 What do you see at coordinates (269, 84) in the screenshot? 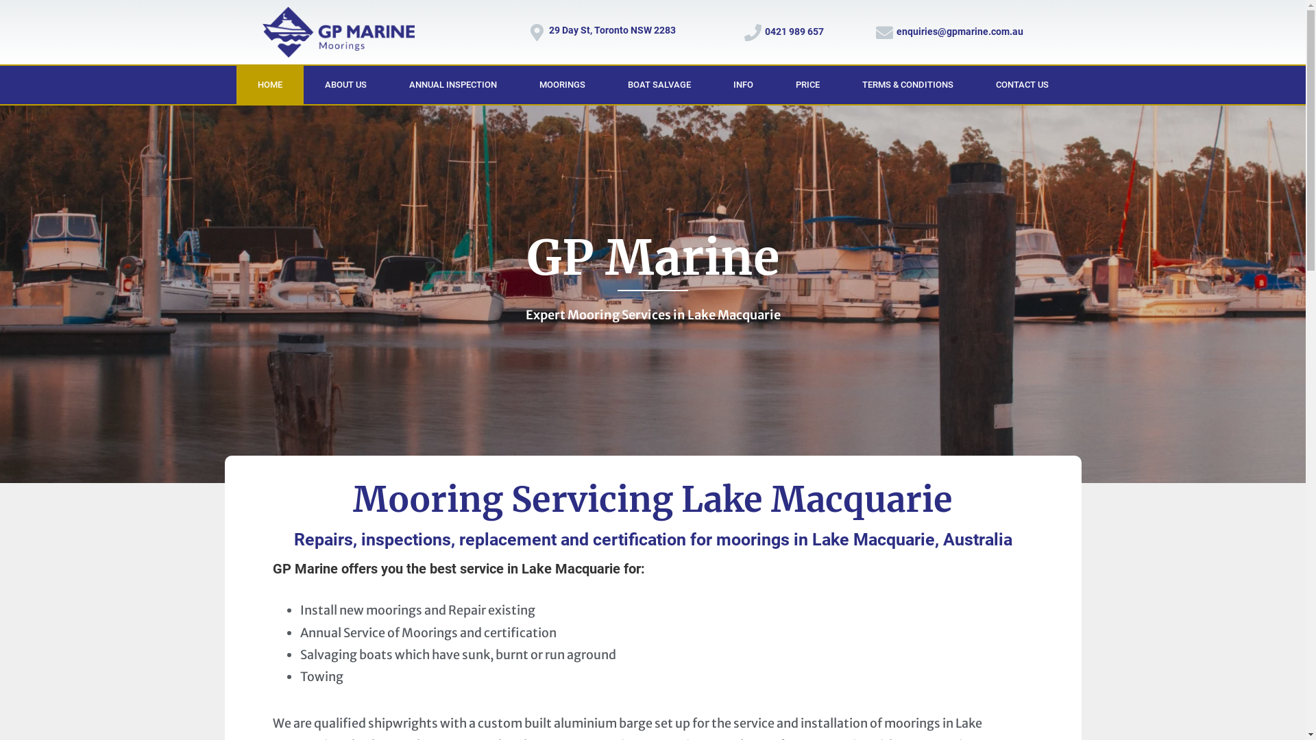
I see `'HOME'` at bounding box center [269, 84].